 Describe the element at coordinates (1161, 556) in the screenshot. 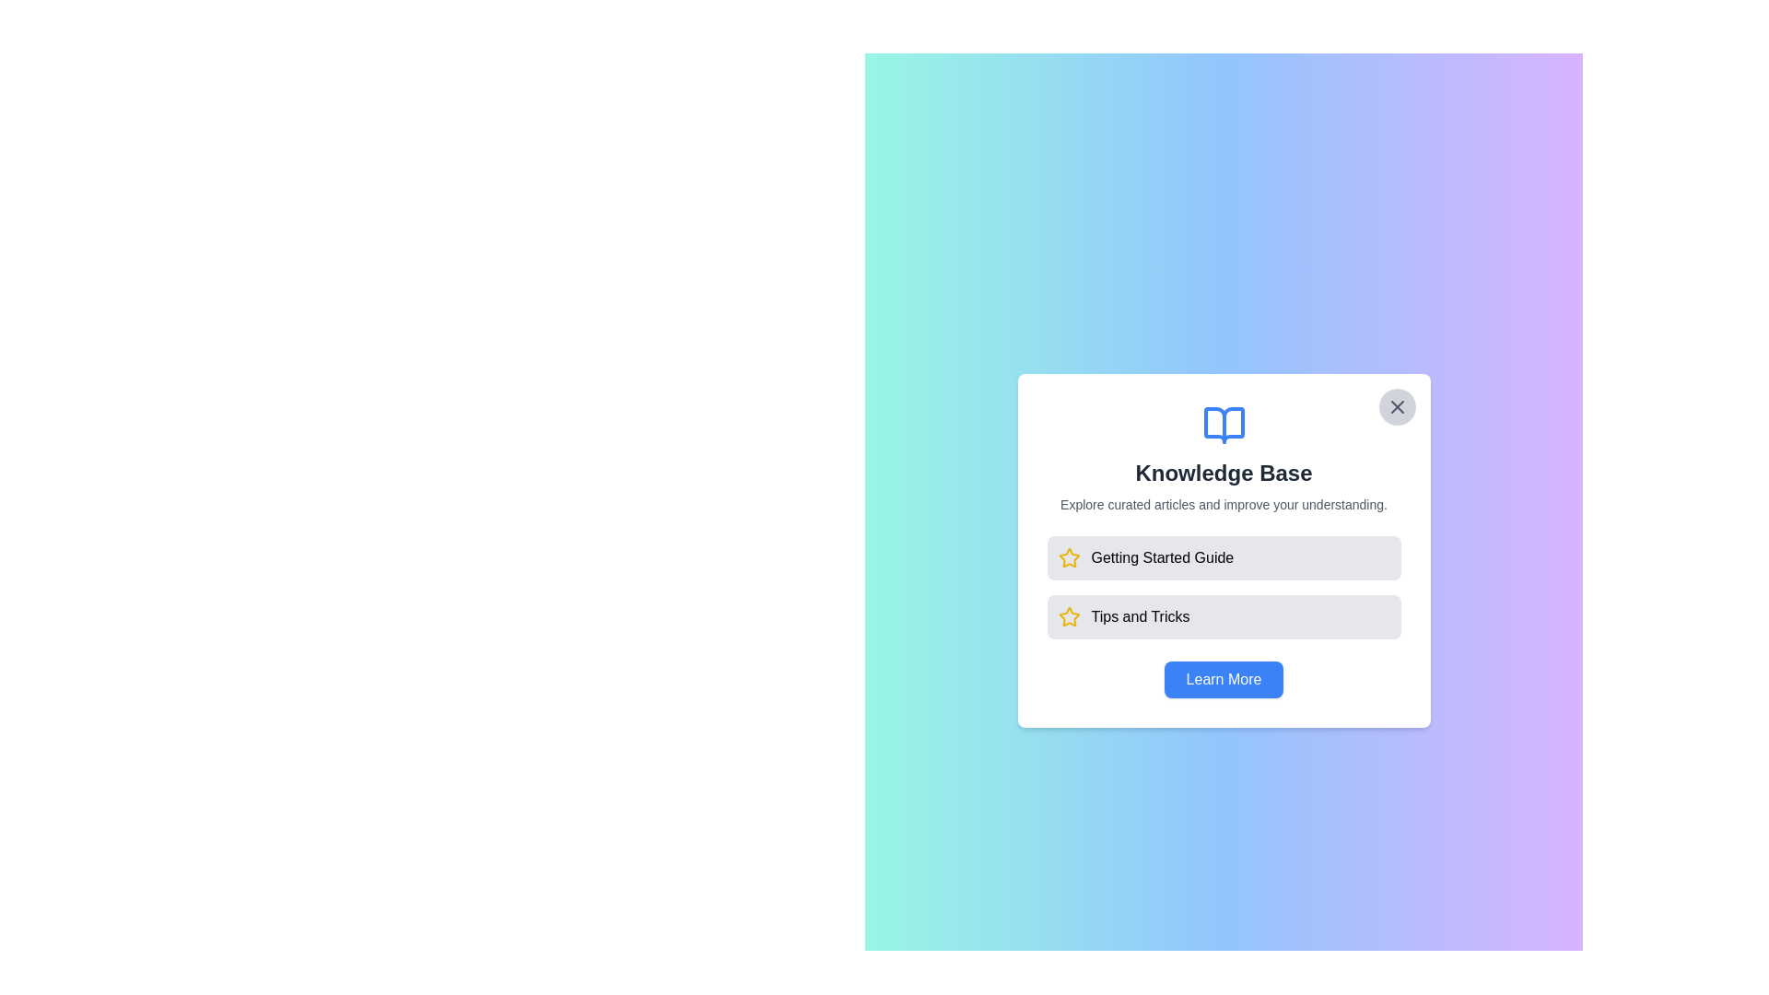

I see `the navigation link or button labeled 'Getting Started' in the 'Knowledge Base' dialog box` at that location.